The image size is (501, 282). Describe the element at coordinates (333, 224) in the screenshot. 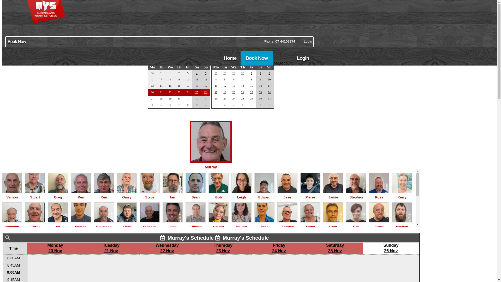

I see `'Greg` at that location.